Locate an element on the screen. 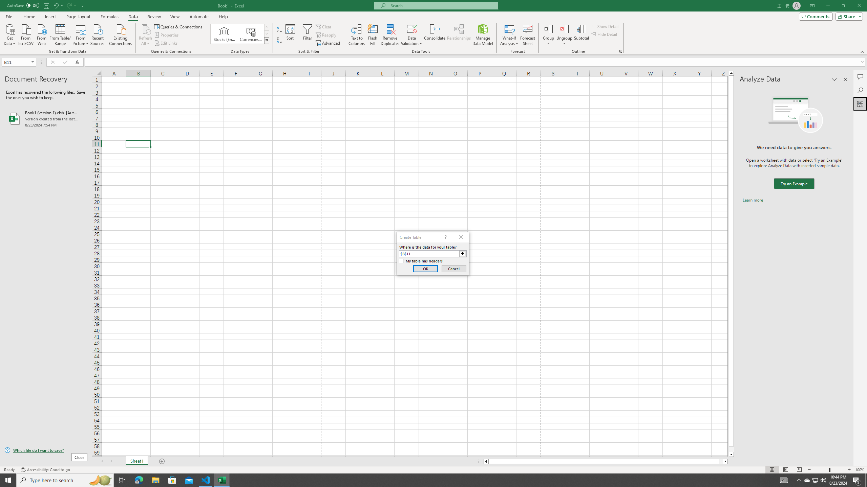 This screenshot has height=487, width=867. 'Insert' is located at coordinates (50, 17).